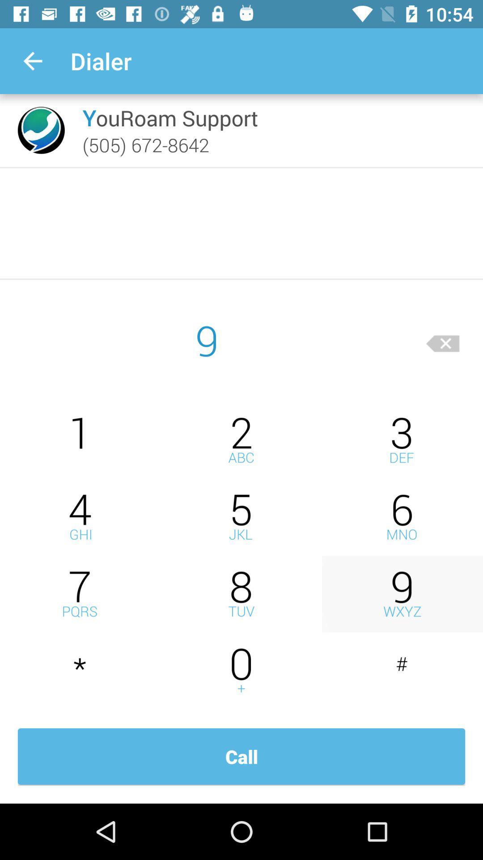  What do you see at coordinates (402, 440) in the screenshot?
I see `to enter number 3 in dial box` at bounding box center [402, 440].